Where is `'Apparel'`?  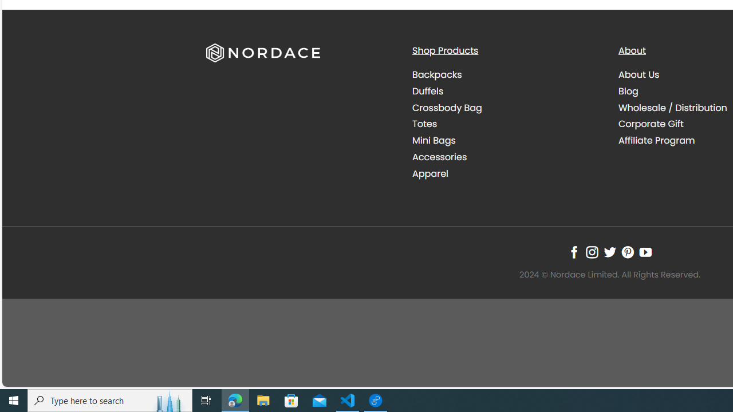 'Apparel' is located at coordinates (429, 173).